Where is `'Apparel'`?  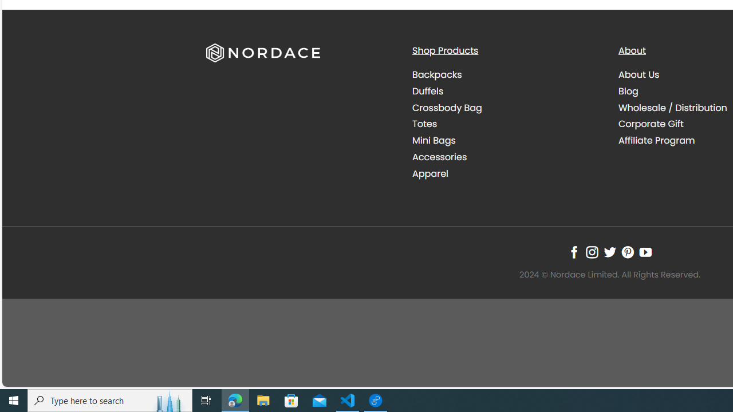 'Apparel' is located at coordinates (429, 173).